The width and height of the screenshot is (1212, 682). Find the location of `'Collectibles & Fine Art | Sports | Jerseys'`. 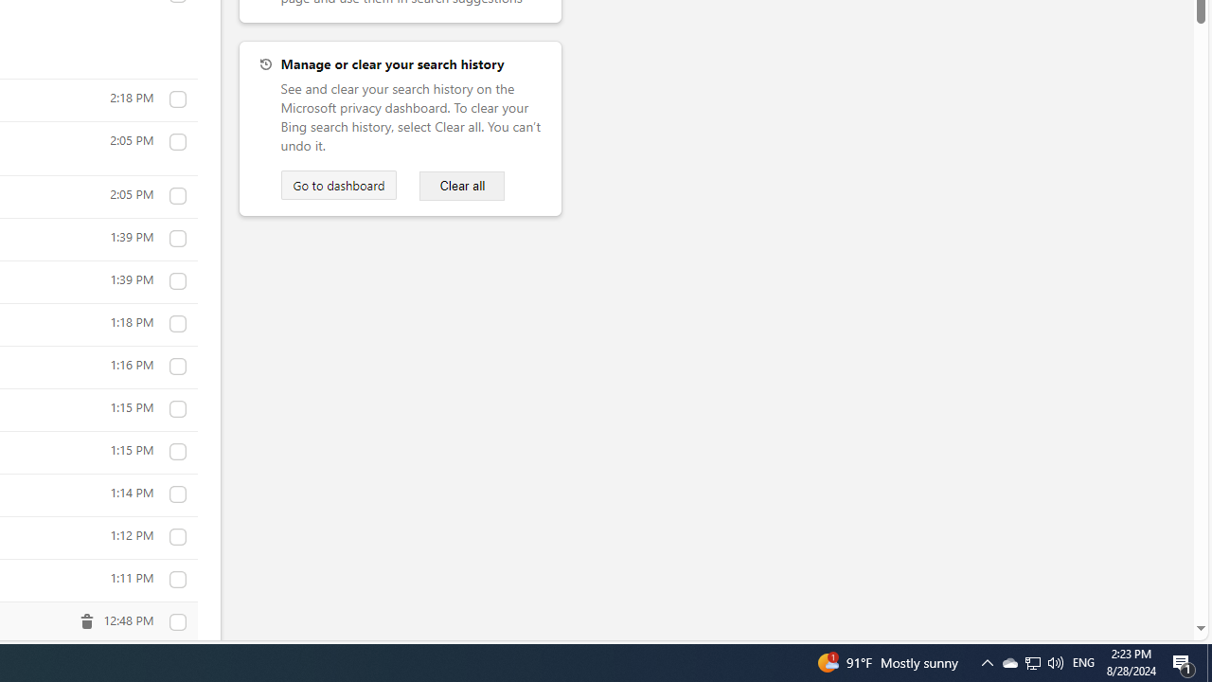

'Collectibles & Fine Art | Sports | Jerseys' is located at coordinates (177, 622).